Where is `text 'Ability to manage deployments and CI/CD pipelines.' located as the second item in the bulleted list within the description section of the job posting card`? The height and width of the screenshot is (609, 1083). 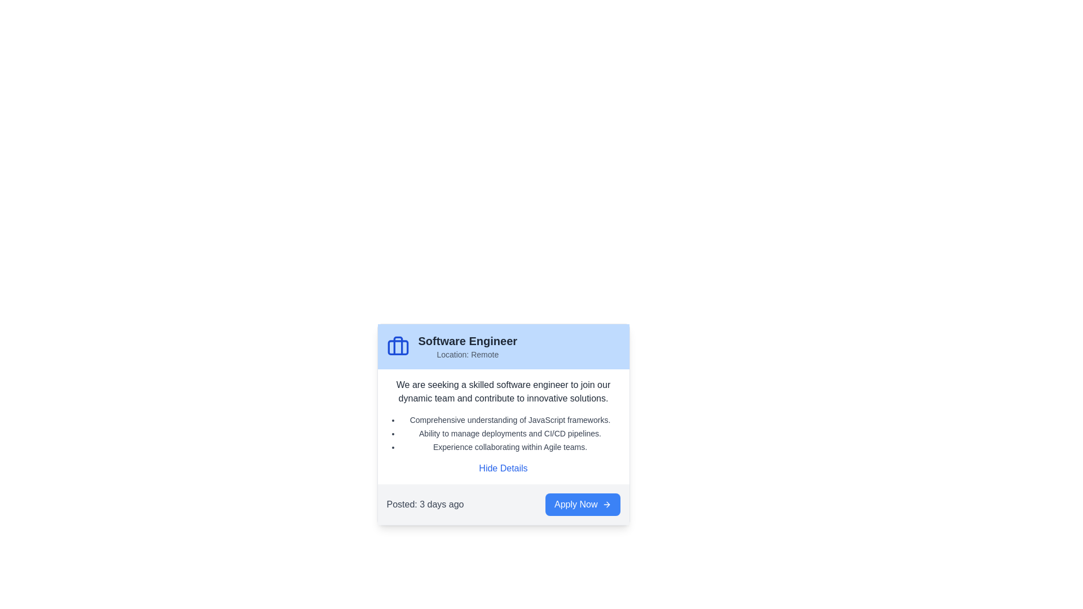
text 'Ability to manage deployments and CI/CD pipelines.' located as the second item in the bulleted list within the description section of the job posting card is located at coordinates (509, 433).